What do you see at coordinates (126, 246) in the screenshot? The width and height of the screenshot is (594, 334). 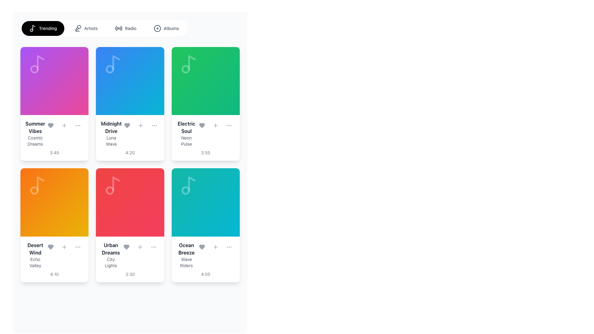 I see `the heart-shaped icon button, which represents the favorite or like option, located in the card labeled 'Urban Dreams' by City Lights` at bounding box center [126, 246].